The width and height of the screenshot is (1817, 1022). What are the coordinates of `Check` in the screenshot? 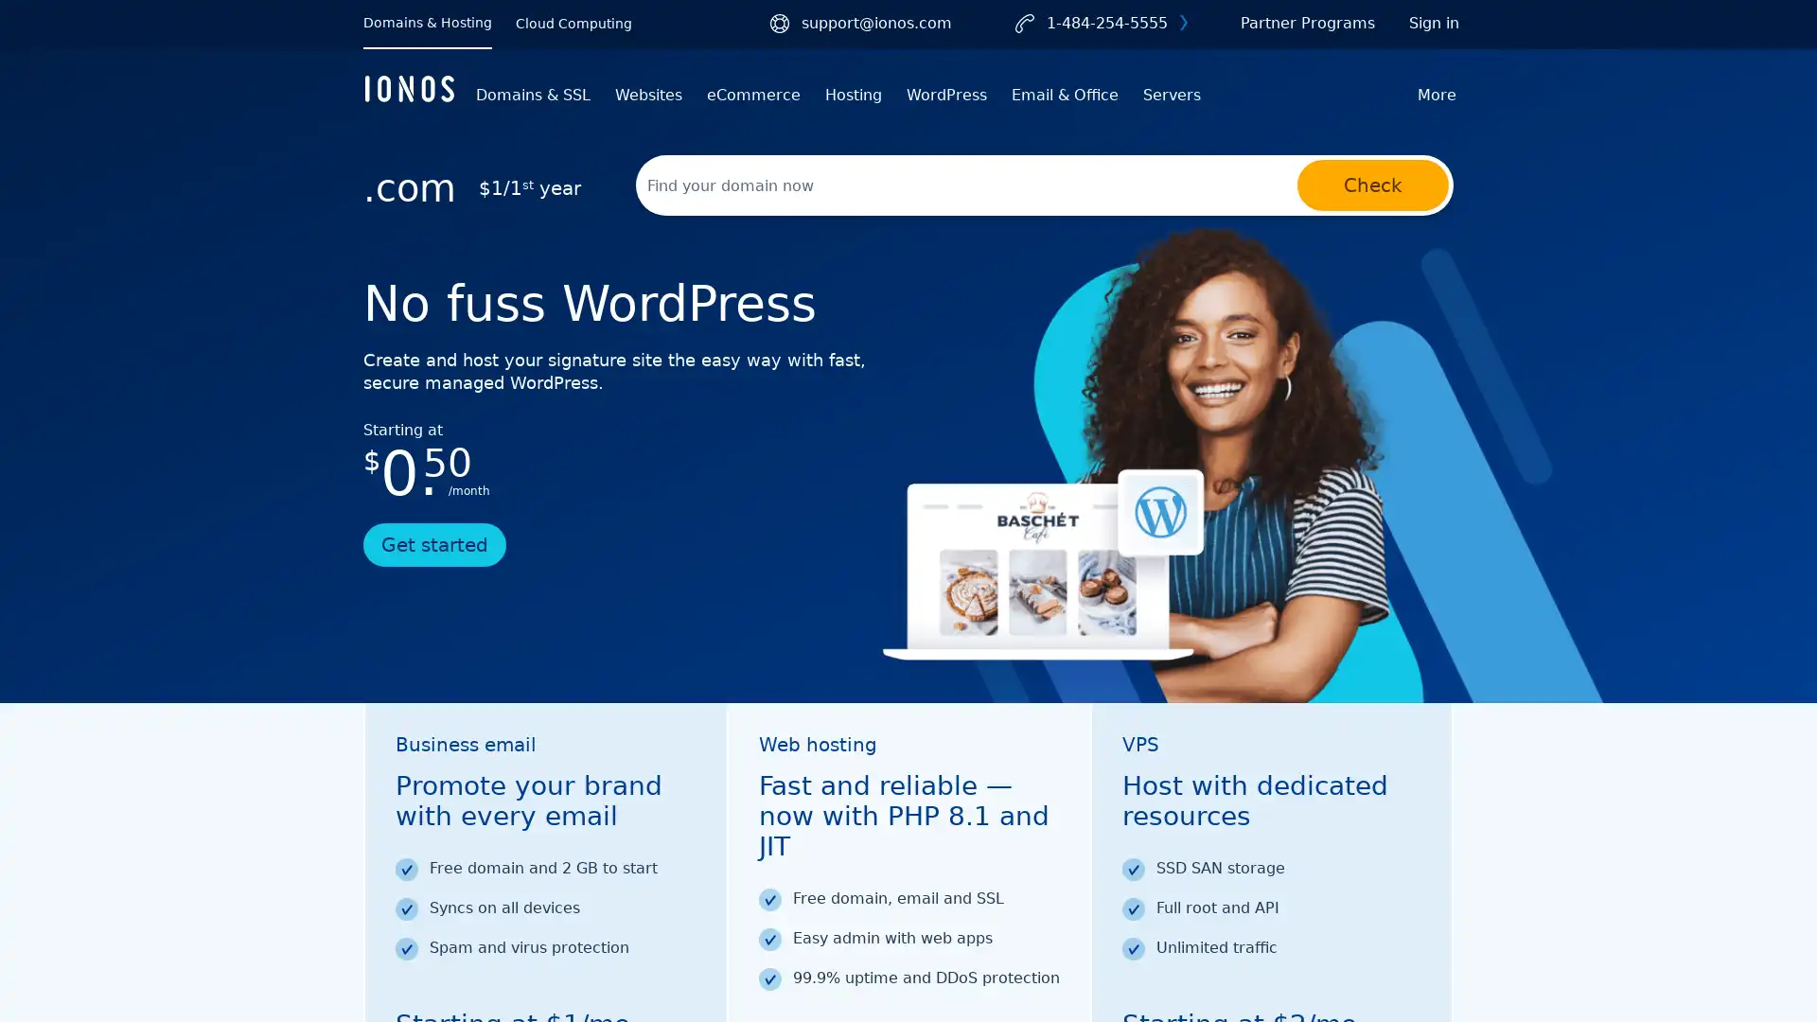 It's located at (1372, 185).